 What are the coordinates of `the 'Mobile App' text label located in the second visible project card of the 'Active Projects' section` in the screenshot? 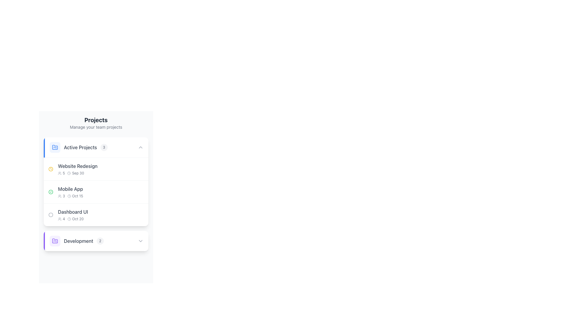 It's located at (70, 189).